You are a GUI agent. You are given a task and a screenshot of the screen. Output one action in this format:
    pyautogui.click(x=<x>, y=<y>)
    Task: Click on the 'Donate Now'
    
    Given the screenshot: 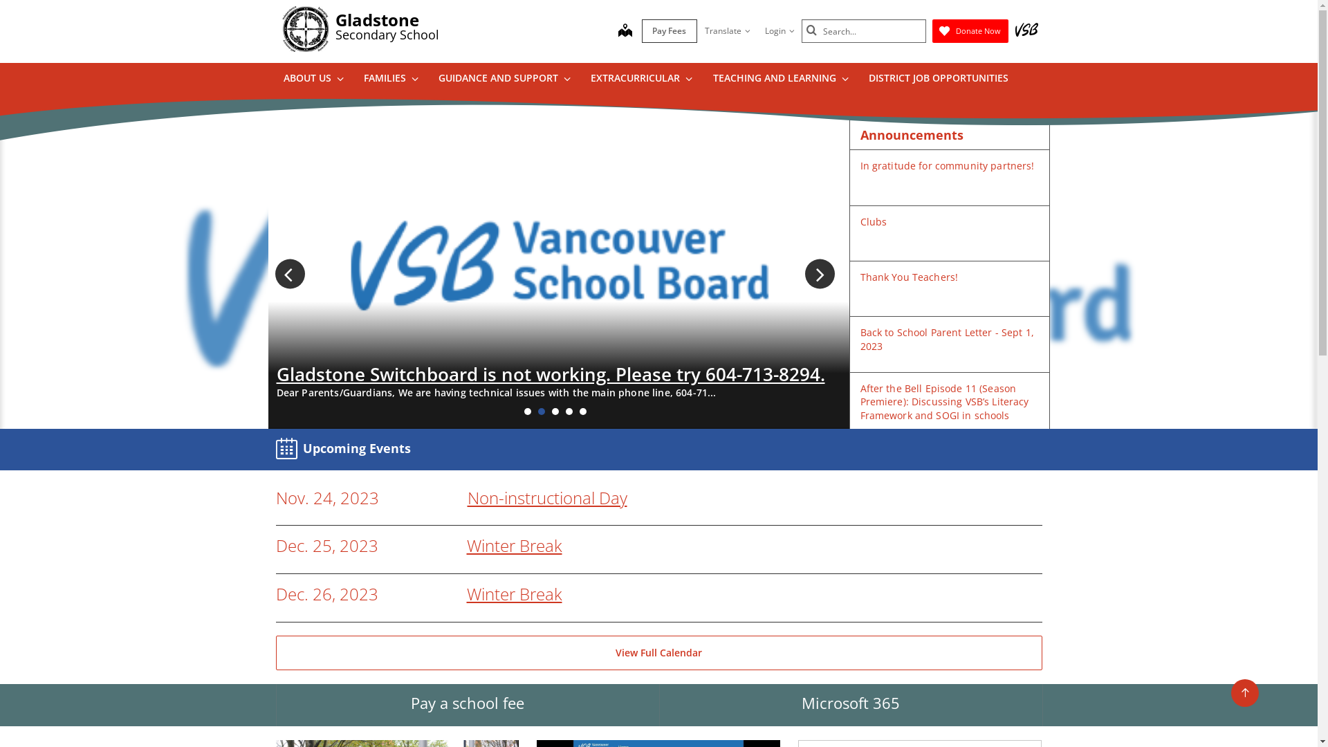 What is the action you would take?
    pyautogui.click(x=969, y=31)
    